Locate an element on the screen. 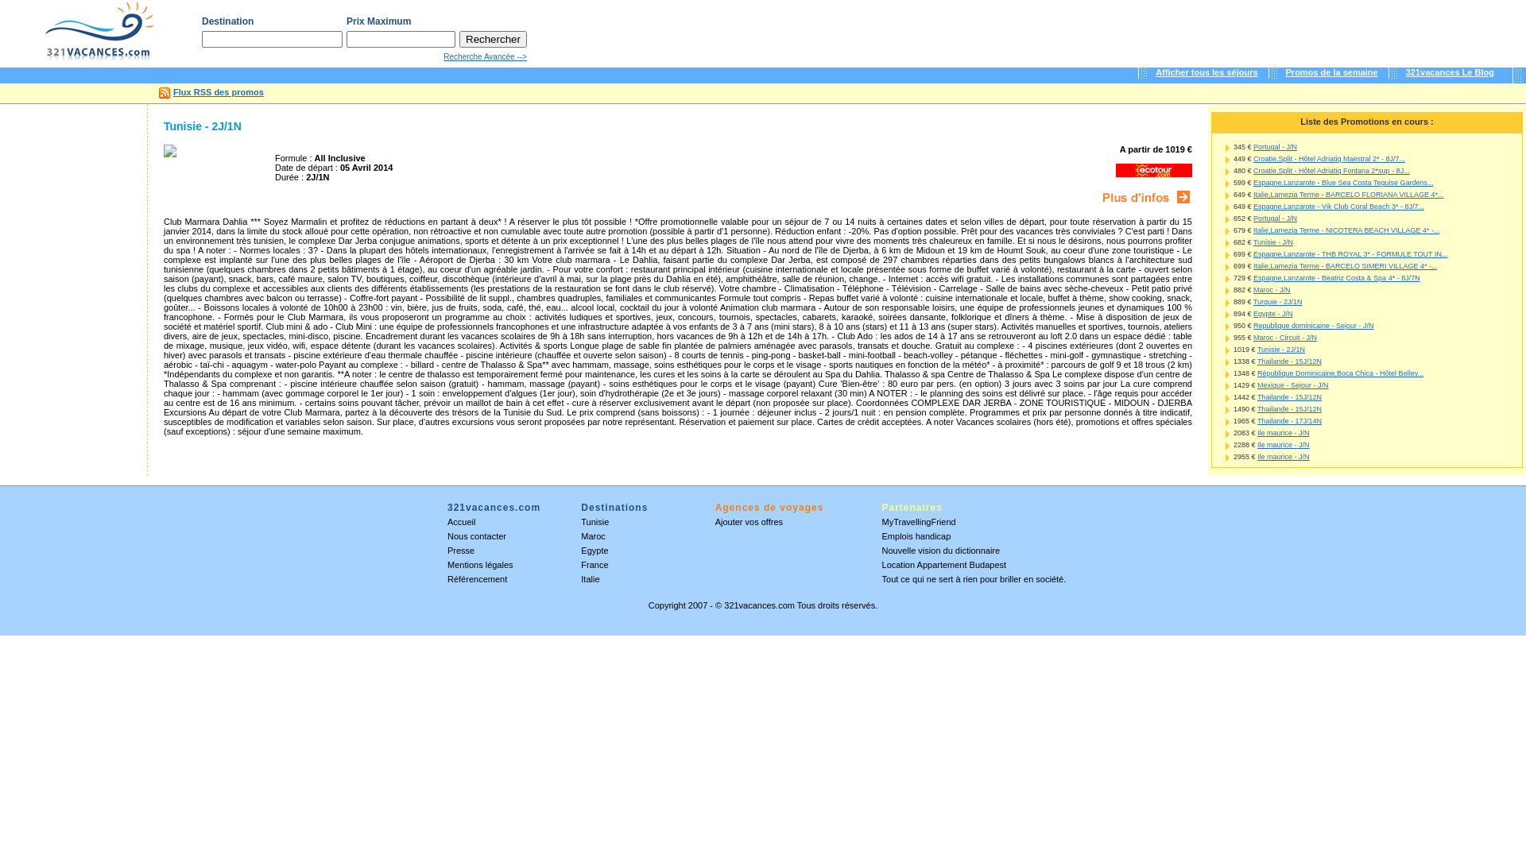  'Espagne,Lanzarote - Blue Sea Costa Teguise Gardens...' is located at coordinates (1342, 182).